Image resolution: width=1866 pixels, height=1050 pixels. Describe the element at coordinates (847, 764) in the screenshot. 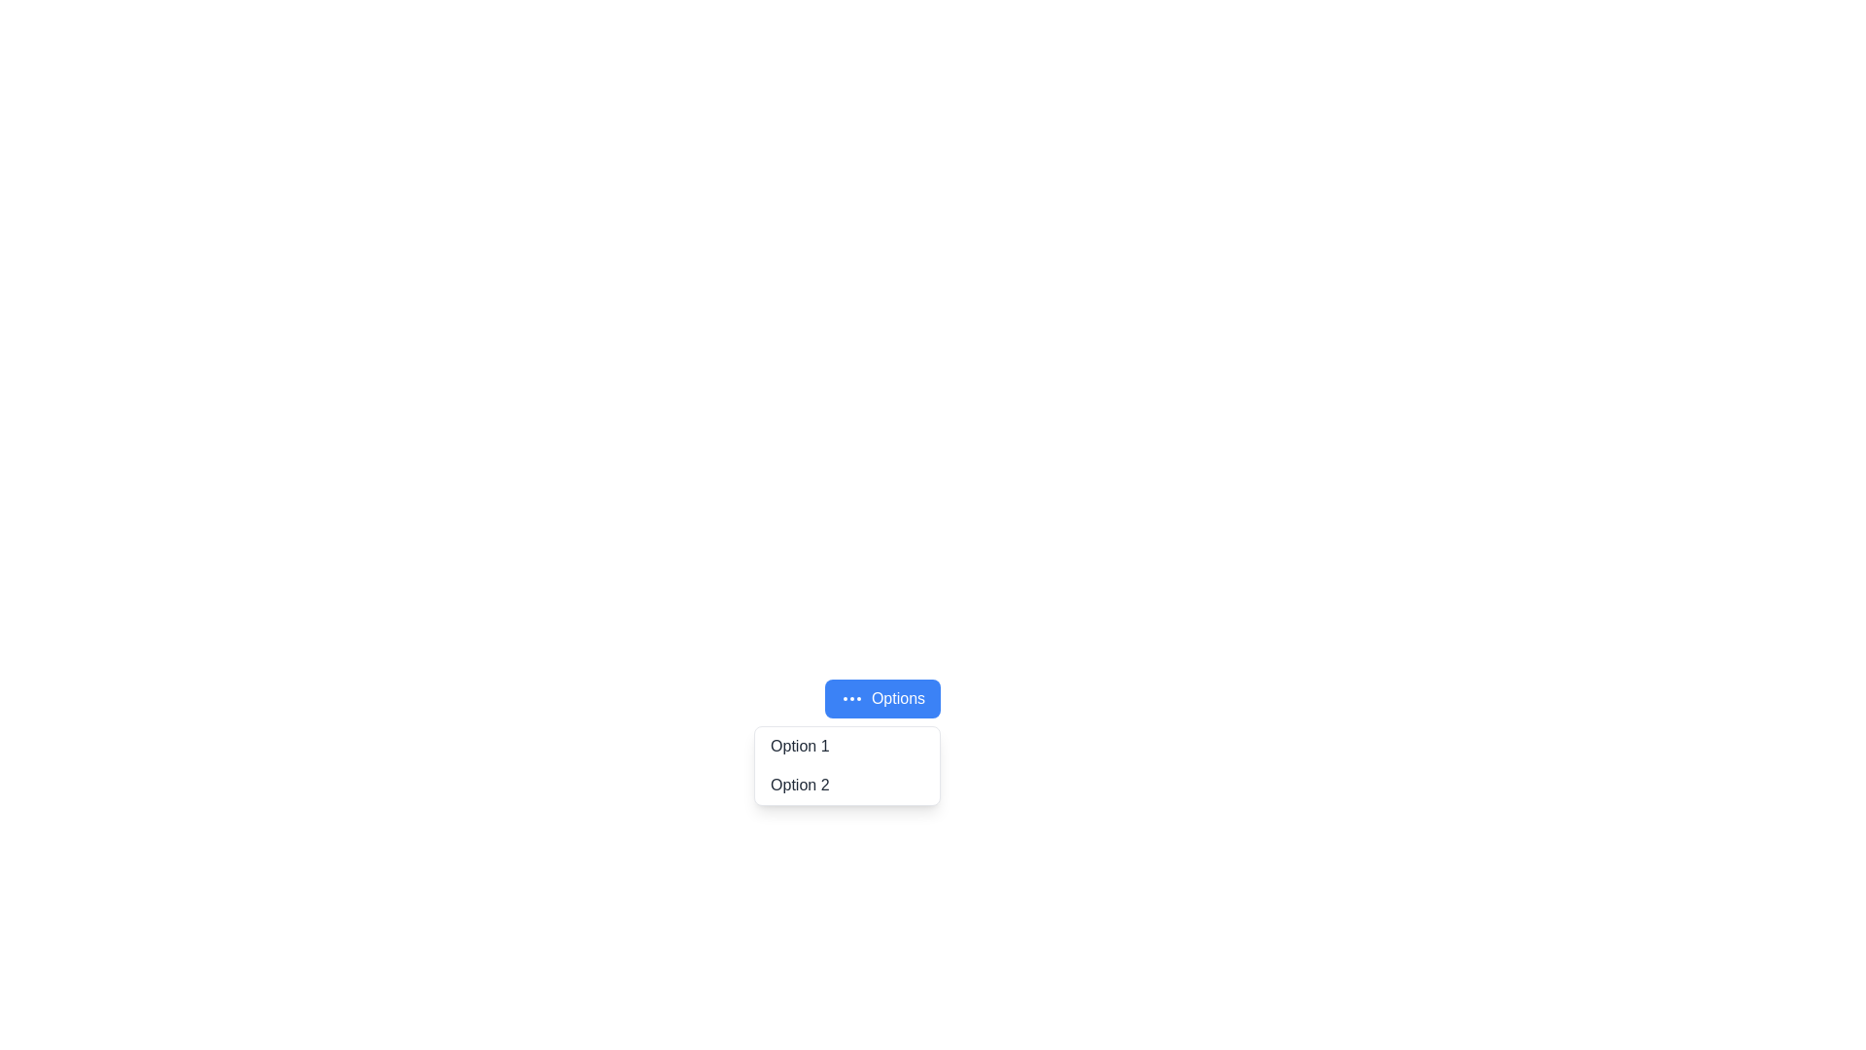

I see `the dropdown menu options that appear after clicking the 'Options' button, located just below it` at that location.